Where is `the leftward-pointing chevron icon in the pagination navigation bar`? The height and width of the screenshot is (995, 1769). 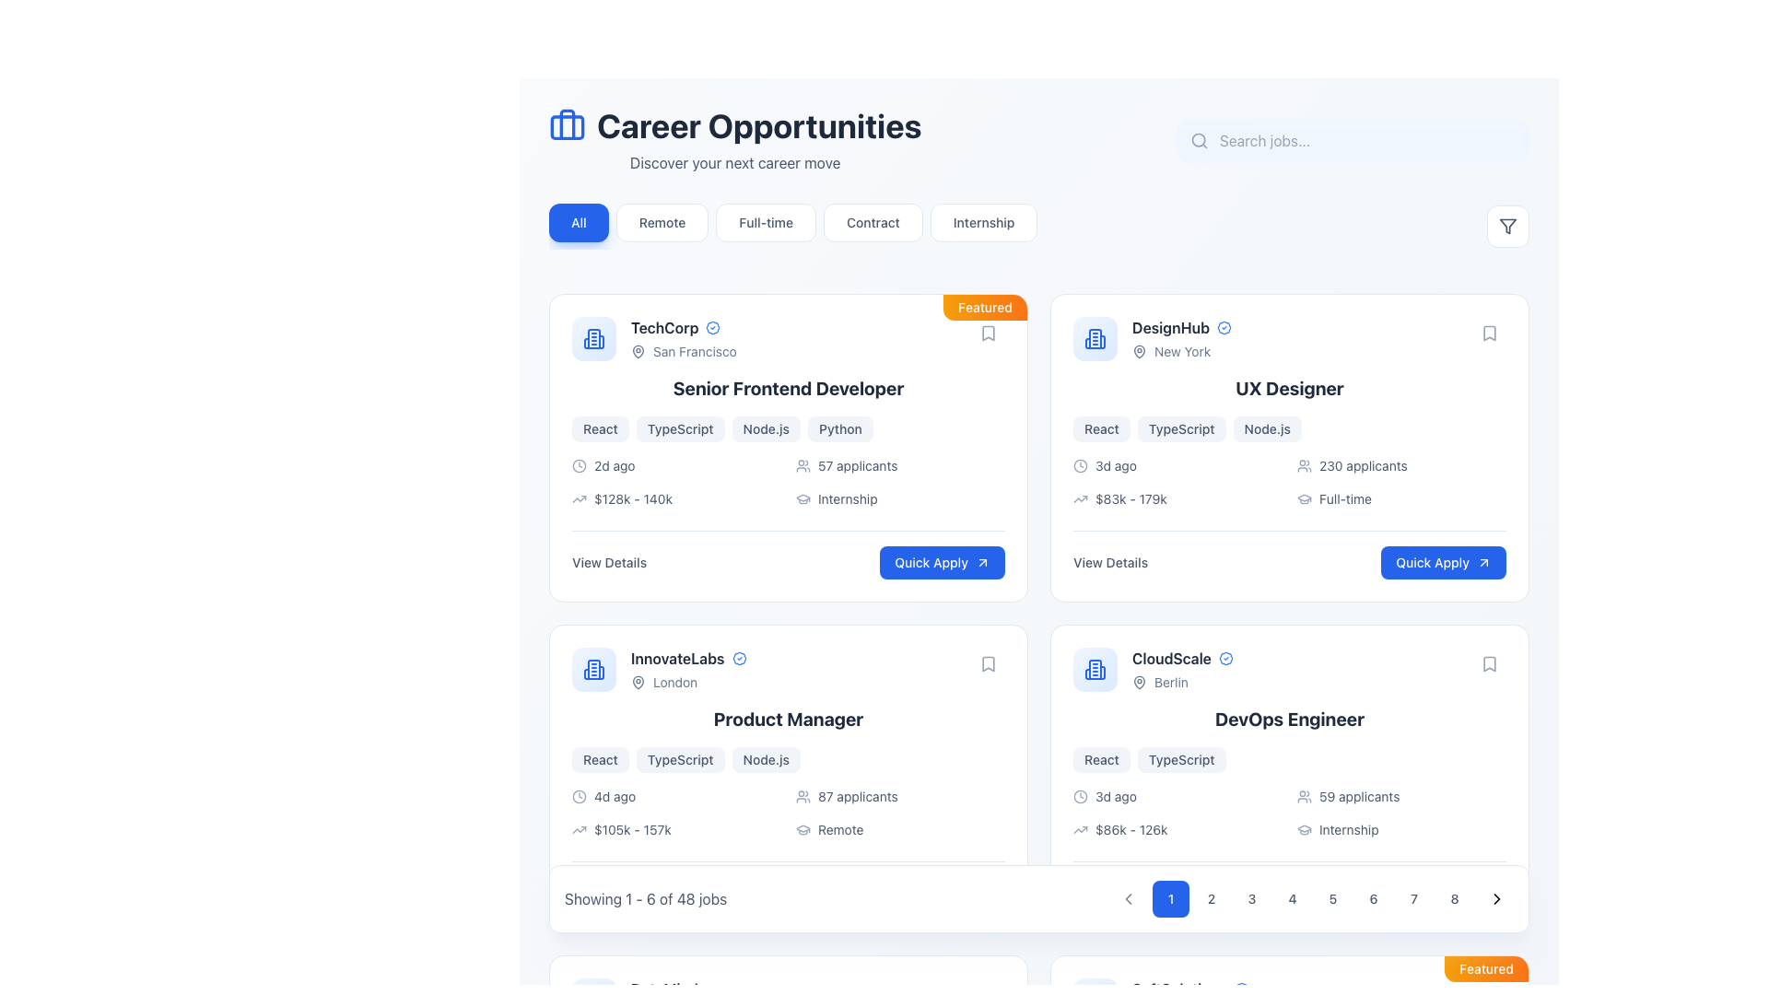 the leftward-pointing chevron icon in the pagination navigation bar is located at coordinates (1127, 897).